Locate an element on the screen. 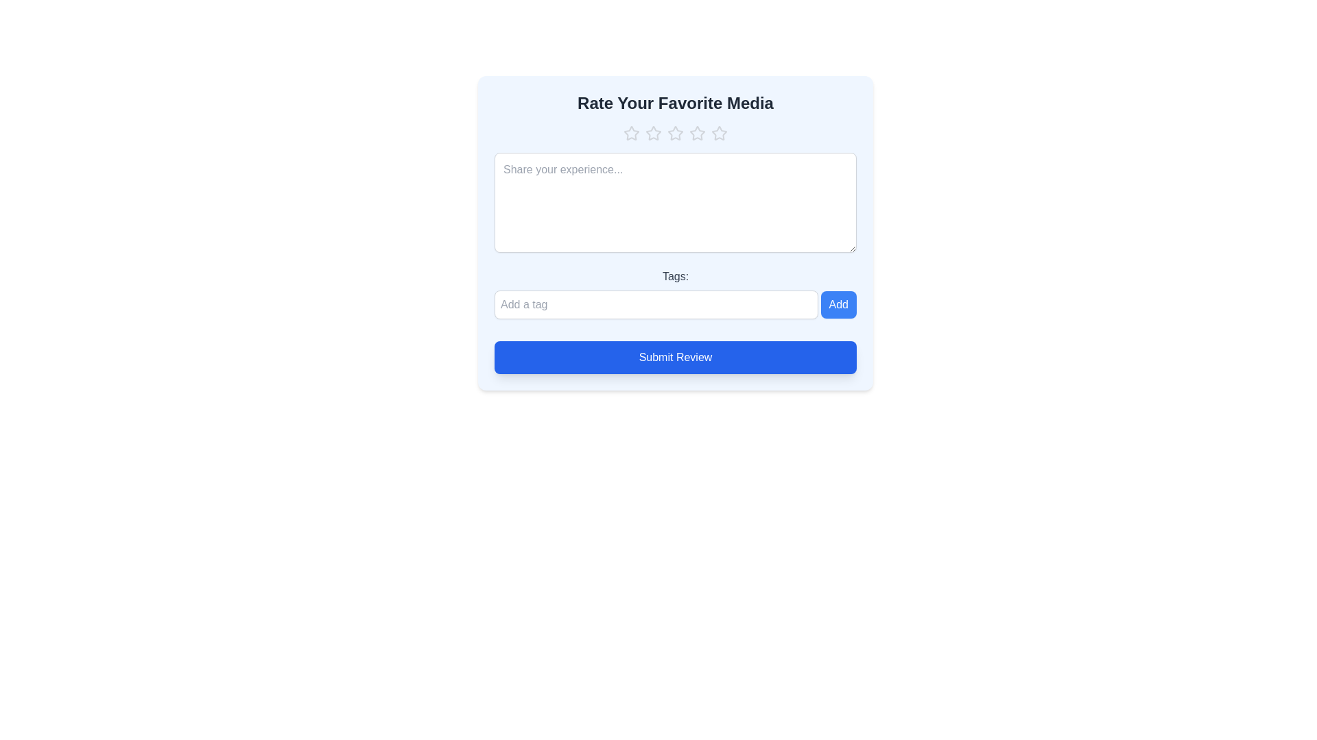 The width and height of the screenshot is (1317, 740). the star in the Rating control located centrally below 'Rate Your Favorite Media' is located at coordinates (675, 134).